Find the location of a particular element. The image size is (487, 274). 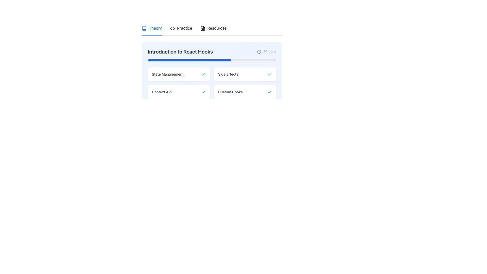

the 'Practice' text label in the navigation bar, located between 'Theory' and 'Resources' is located at coordinates (184, 28).